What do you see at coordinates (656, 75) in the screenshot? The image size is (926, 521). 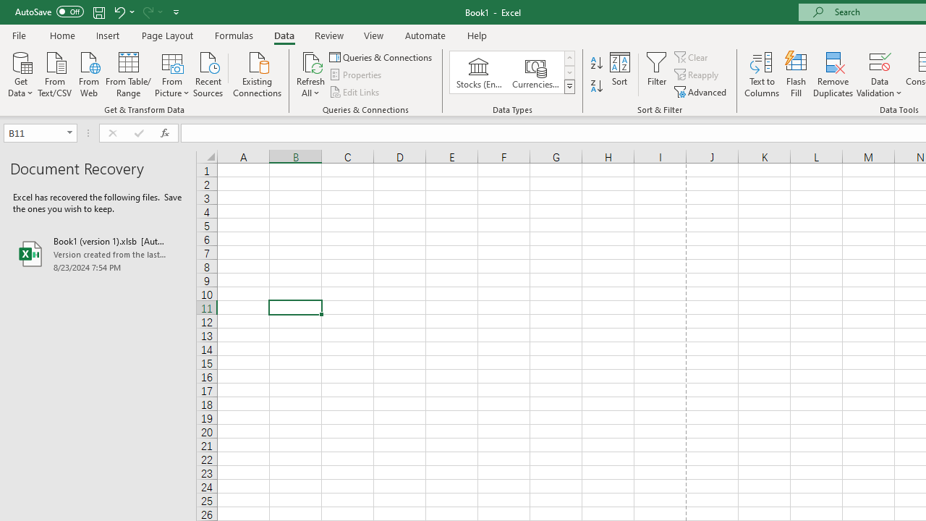 I see `'Filter'` at bounding box center [656, 75].